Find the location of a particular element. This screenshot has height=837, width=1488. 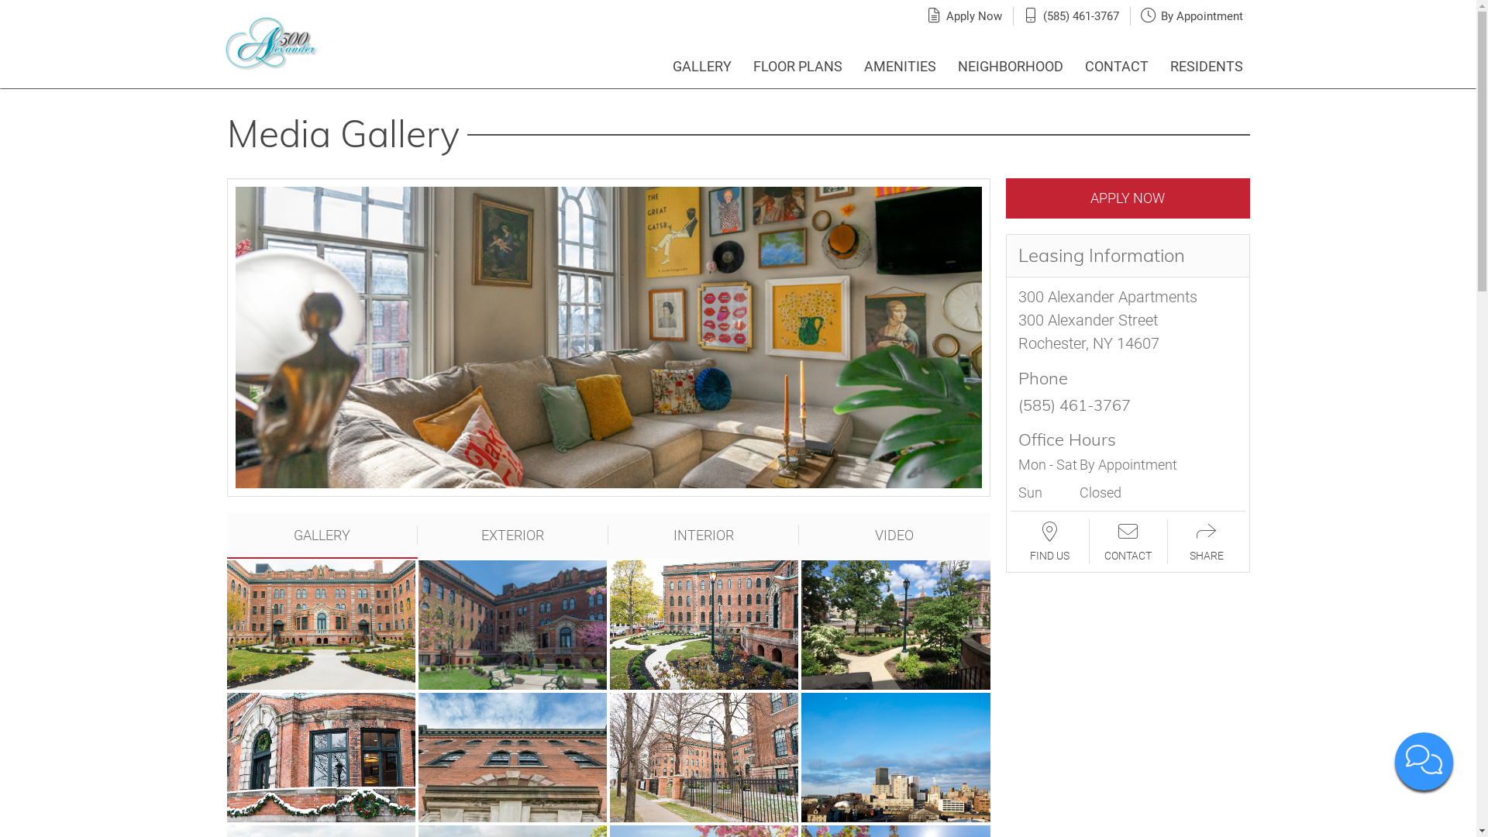

'AMENITIES' is located at coordinates (851, 59).